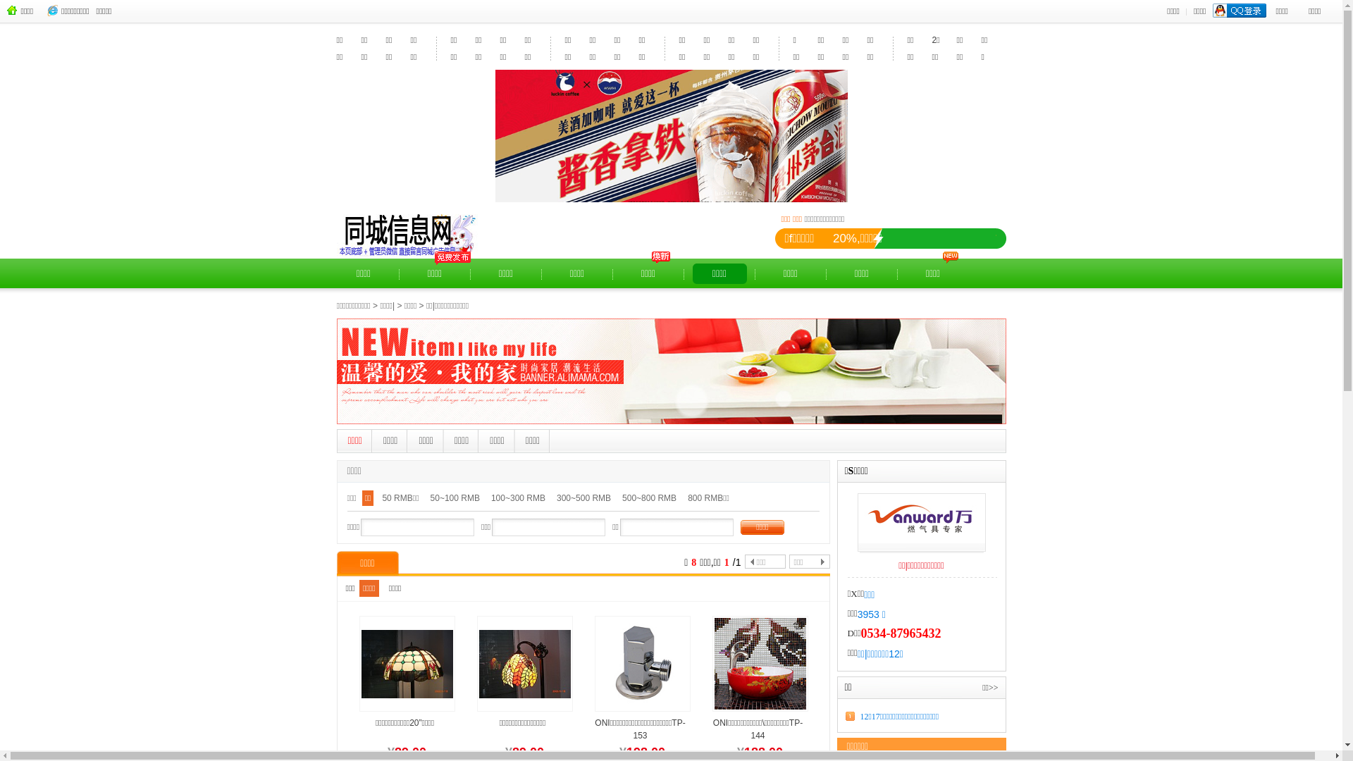 This screenshot has height=761, width=1353. I want to click on '50~100 RMB', so click(455, 519).